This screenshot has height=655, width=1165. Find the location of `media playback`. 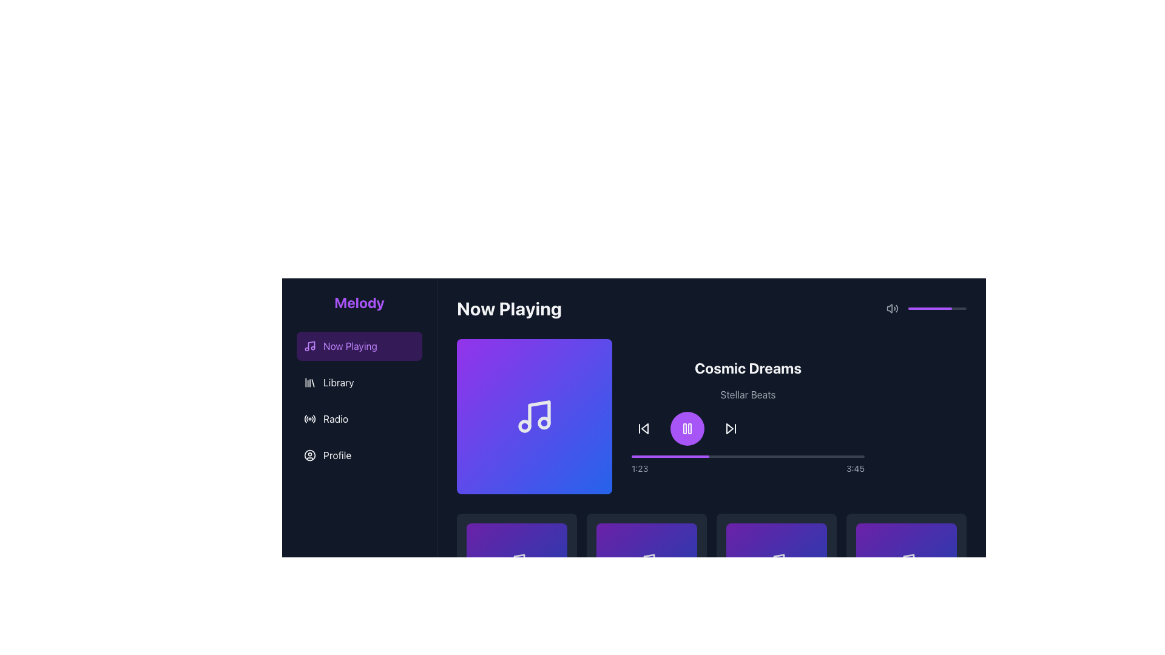

media playback is located at coordinates (801, 456).